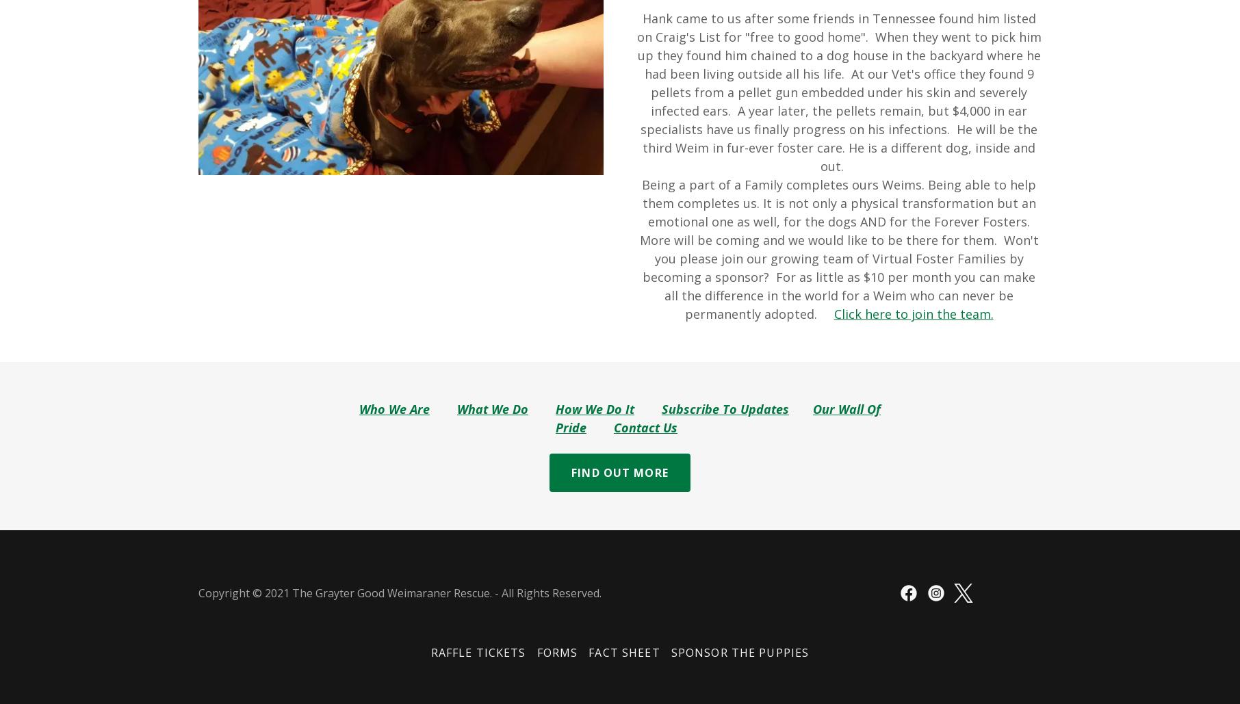 The image size is (1240, 704). I want to click on 'Being a part of a Family completes ours Weims. Being able to help them completes us. It is not only a physical transformation but an emotional one as well, for the dogs AND for the Forever Fosters. More will be coming and we would like to be there for them.  Won't you please join our growing team of Virtual Foster Families by becoming a sponsor?  For as little as $10 per month you can make all the difference in the world for a Weim who can never be permanently adopted.', so click(838, 249).